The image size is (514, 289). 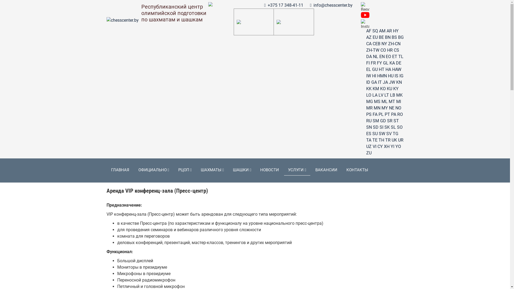 What do you see at coordinates (380, 146) in the screenshot?
I see `'CY'` at bounding box center [380, 146].